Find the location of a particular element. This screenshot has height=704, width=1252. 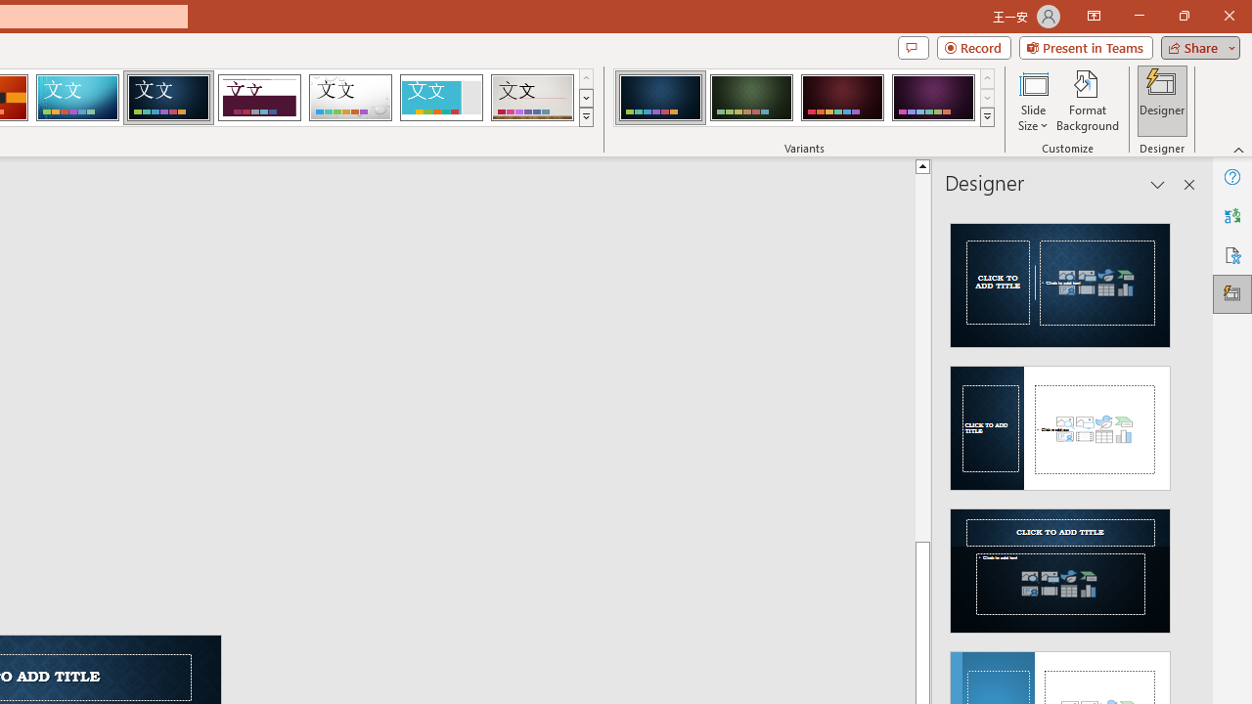

'Format Background' is located at coordinates (1087, 101).